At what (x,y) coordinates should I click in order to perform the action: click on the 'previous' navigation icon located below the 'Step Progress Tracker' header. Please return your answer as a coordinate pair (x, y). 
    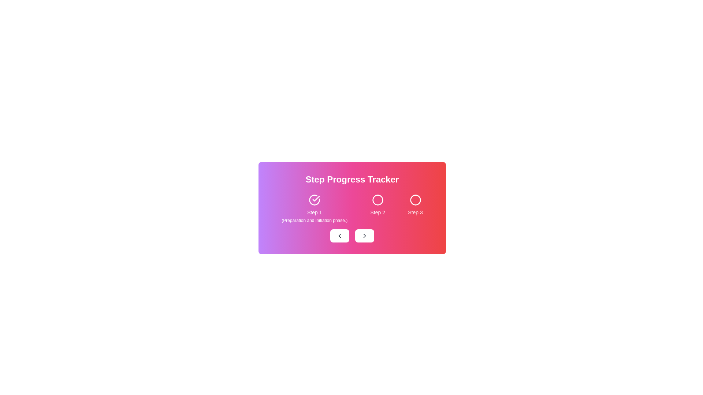
    Looking at the image, I should click on (339, 236).